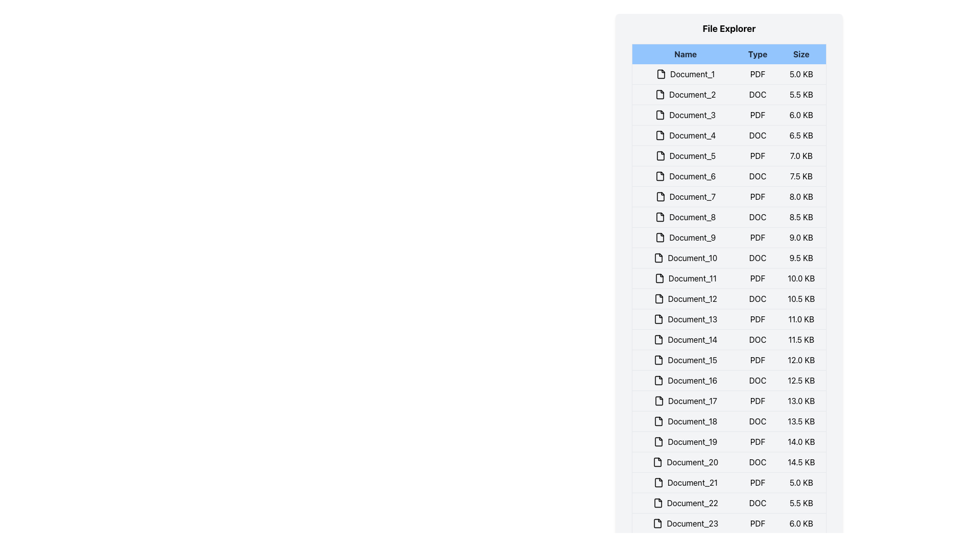  Describe the element at coordinates (685, 380) in the screenshot. I see `the Text label that represents the file name 'Document_16' in the highlighted row of the 'File Explorer' column` at that location.